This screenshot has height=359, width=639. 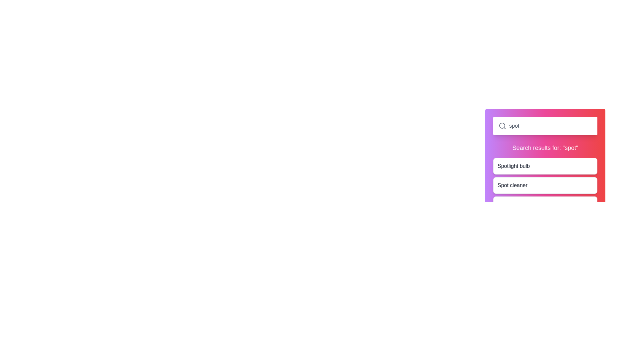 What do you see at coordinates (502, 126) in the screenshot?
I see `the circular SVG element representing the lens of the magnifying glass icon located inside the search bar area to the left of the search field` at bounding box center [502, 126].